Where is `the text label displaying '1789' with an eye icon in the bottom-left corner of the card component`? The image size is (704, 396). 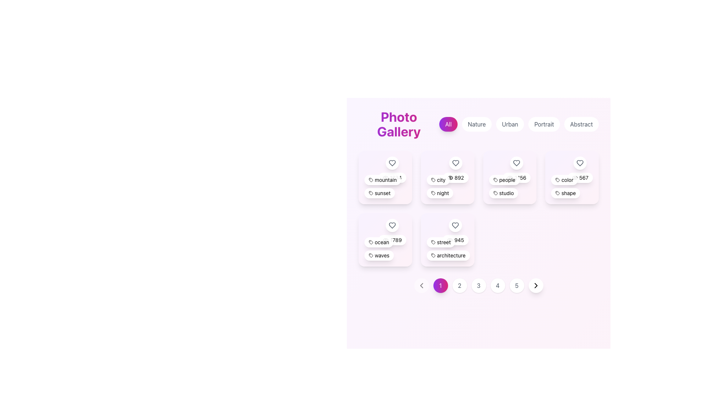 the text label displaying '1789' with an eye icon in the bottom-left corner of the card component is located at coordinates (392, 240).